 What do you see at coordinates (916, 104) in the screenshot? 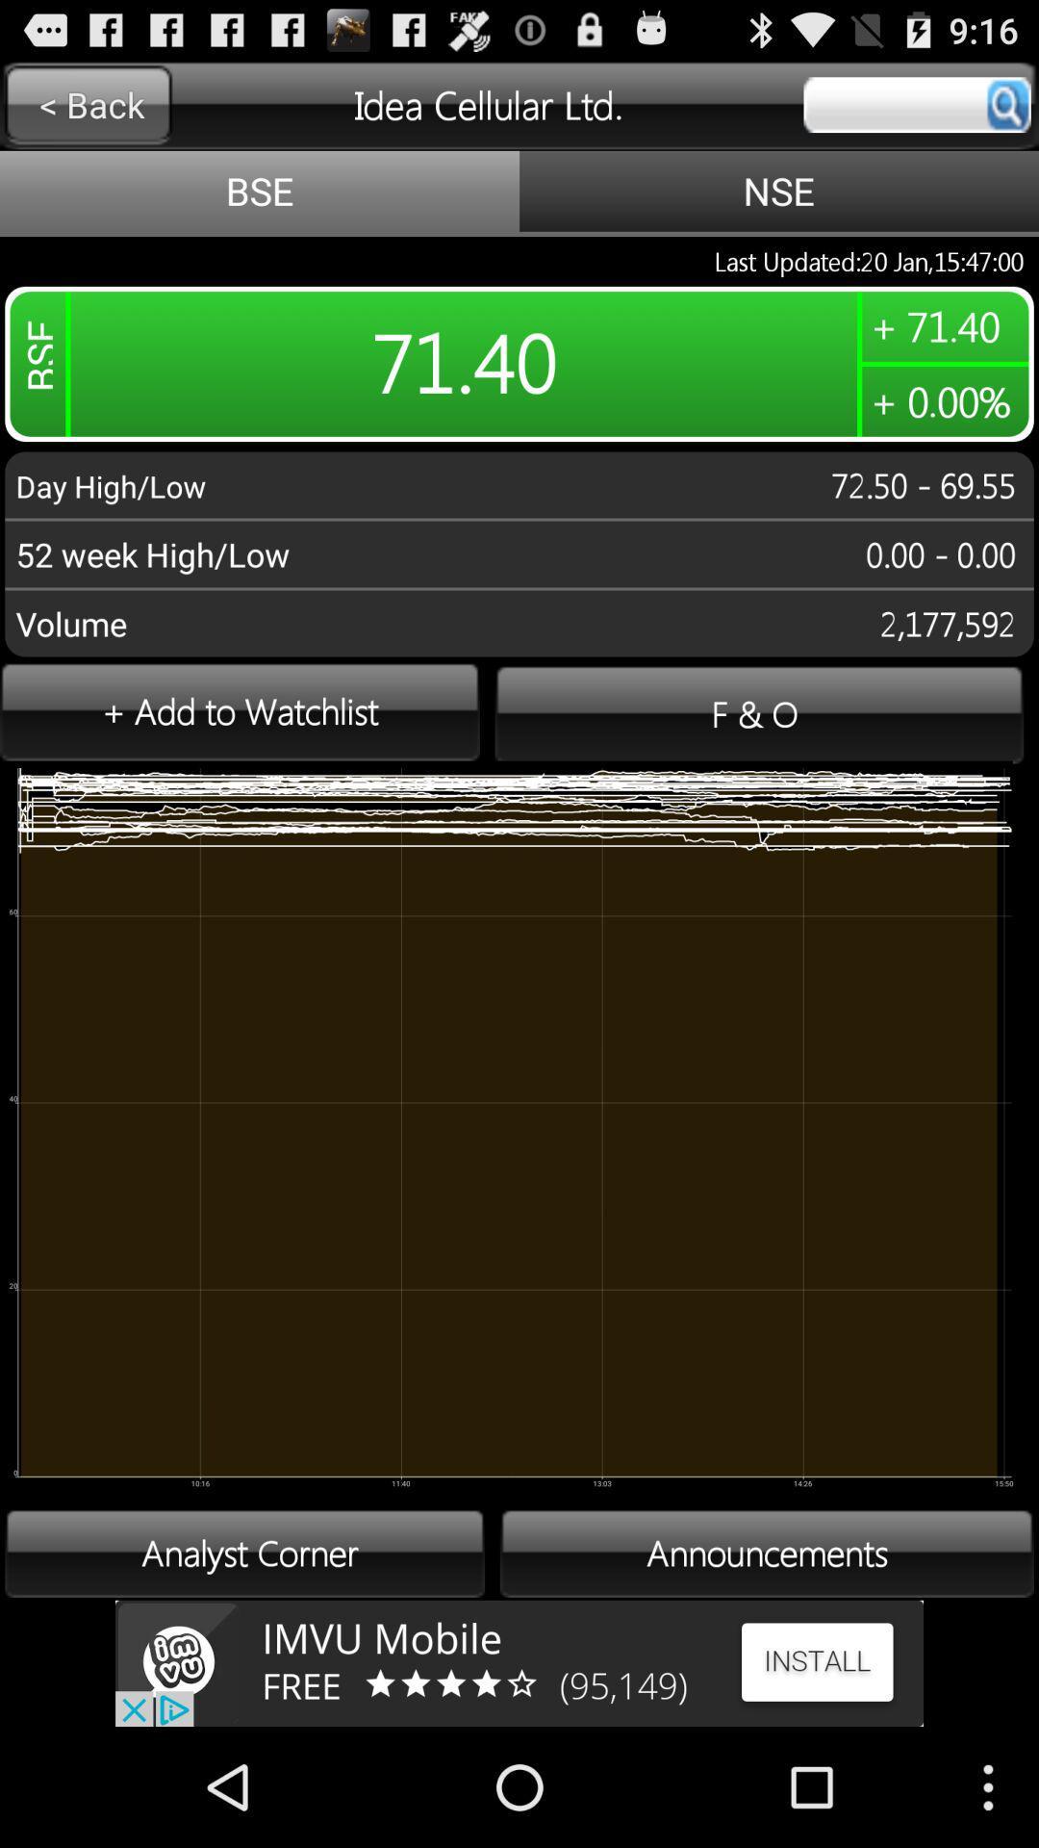
I see `search` at bounding box center [916, 104].